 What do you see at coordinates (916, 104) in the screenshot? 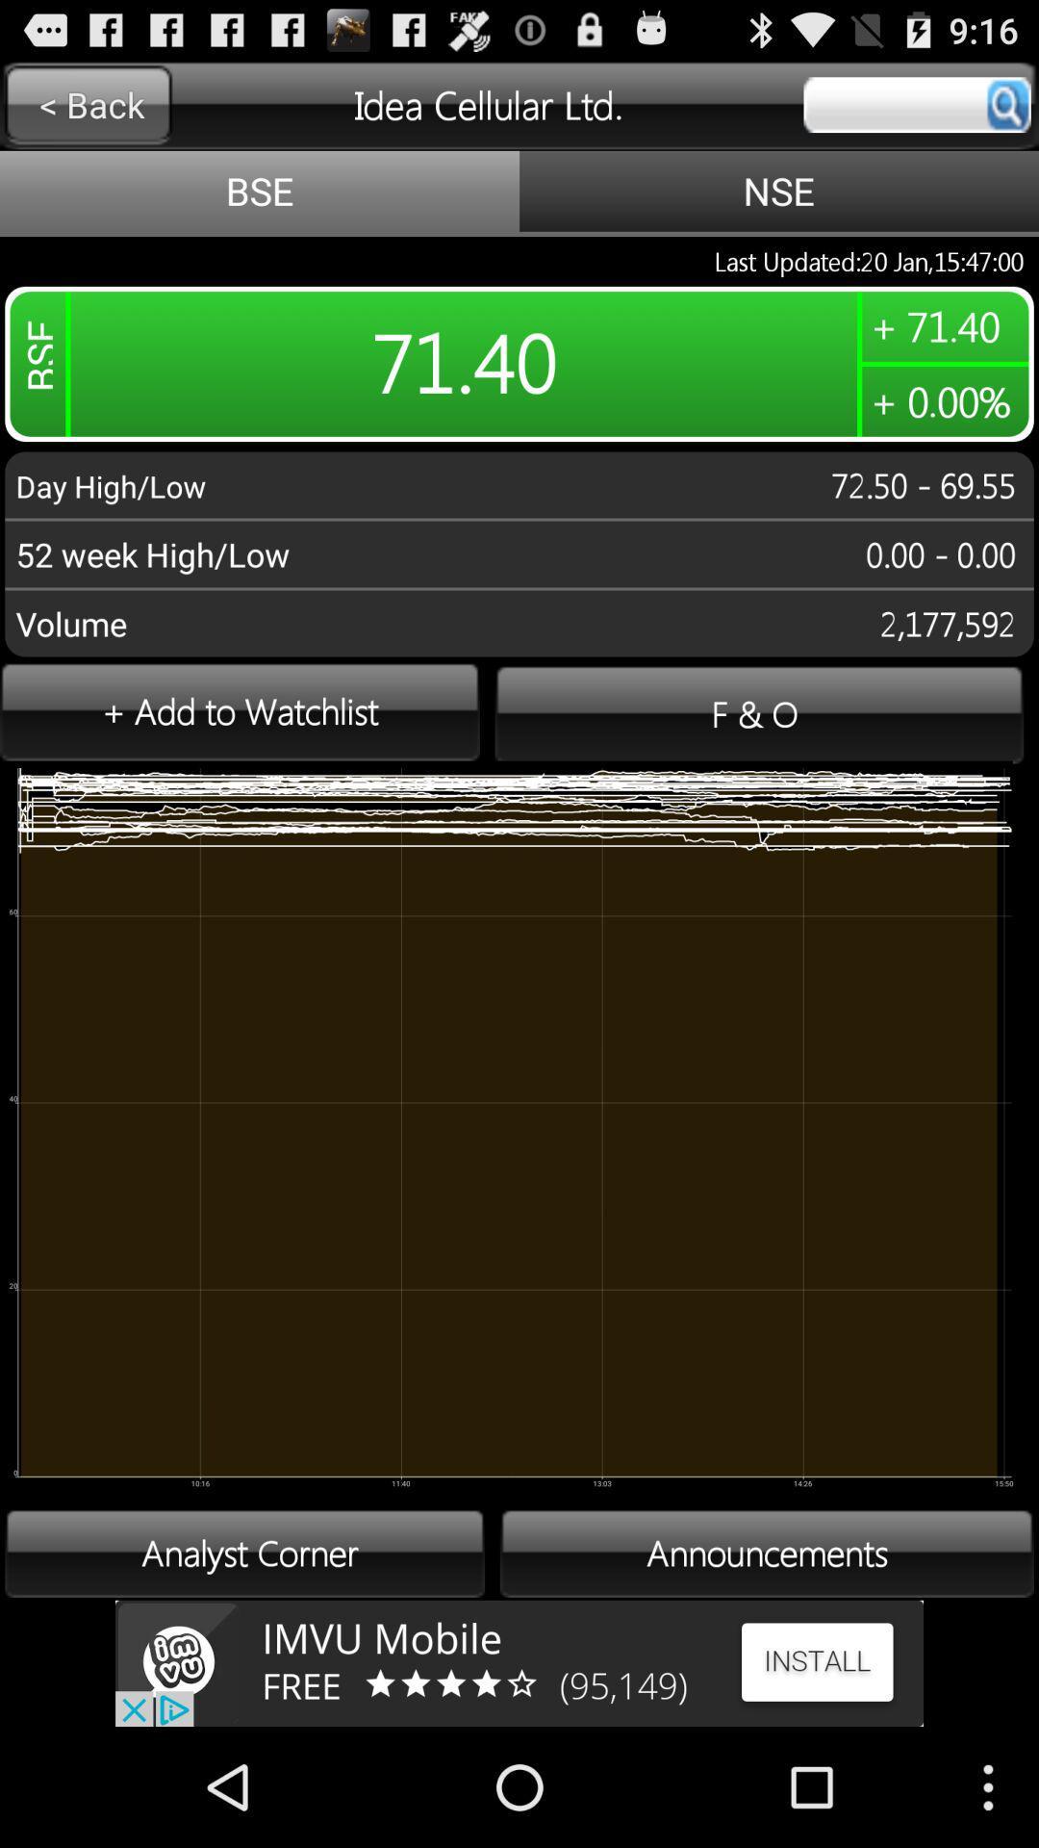
I see `search` at bounding box center [916, 104].